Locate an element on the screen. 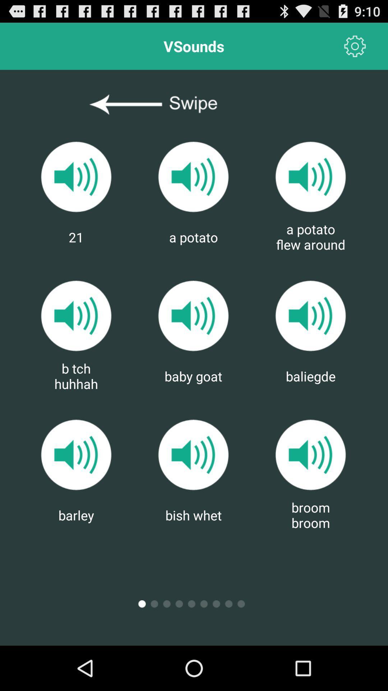 The height and width of the screenshot is (691, 388). settings button is located at coordinates (355, 46).